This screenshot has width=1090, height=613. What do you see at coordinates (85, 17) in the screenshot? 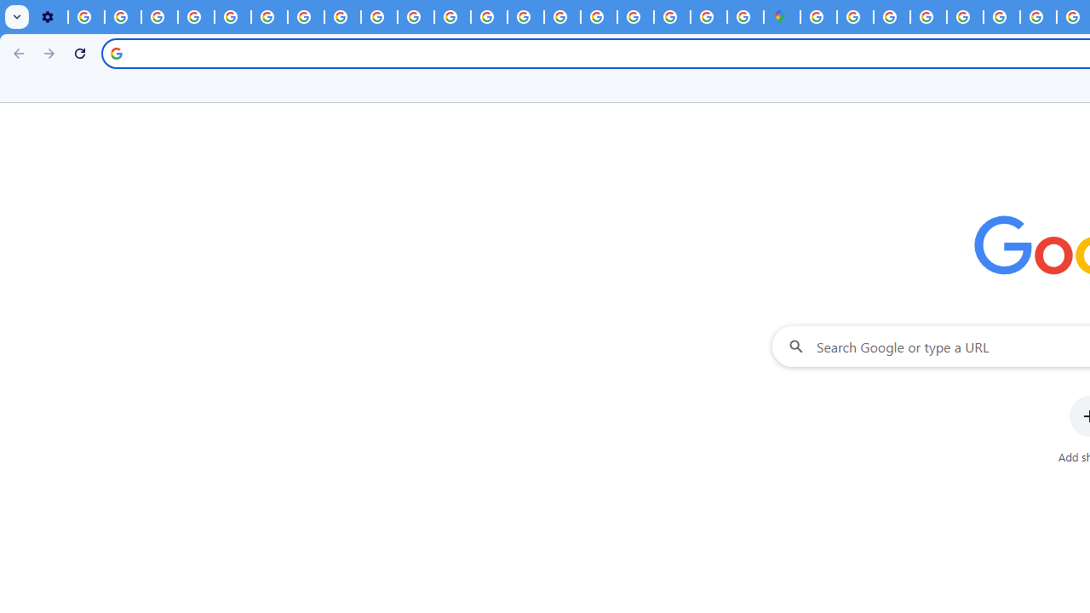
I see `'Delete photos & videos - Computer - Google Photos Help'` at bounding box center [85, 17].